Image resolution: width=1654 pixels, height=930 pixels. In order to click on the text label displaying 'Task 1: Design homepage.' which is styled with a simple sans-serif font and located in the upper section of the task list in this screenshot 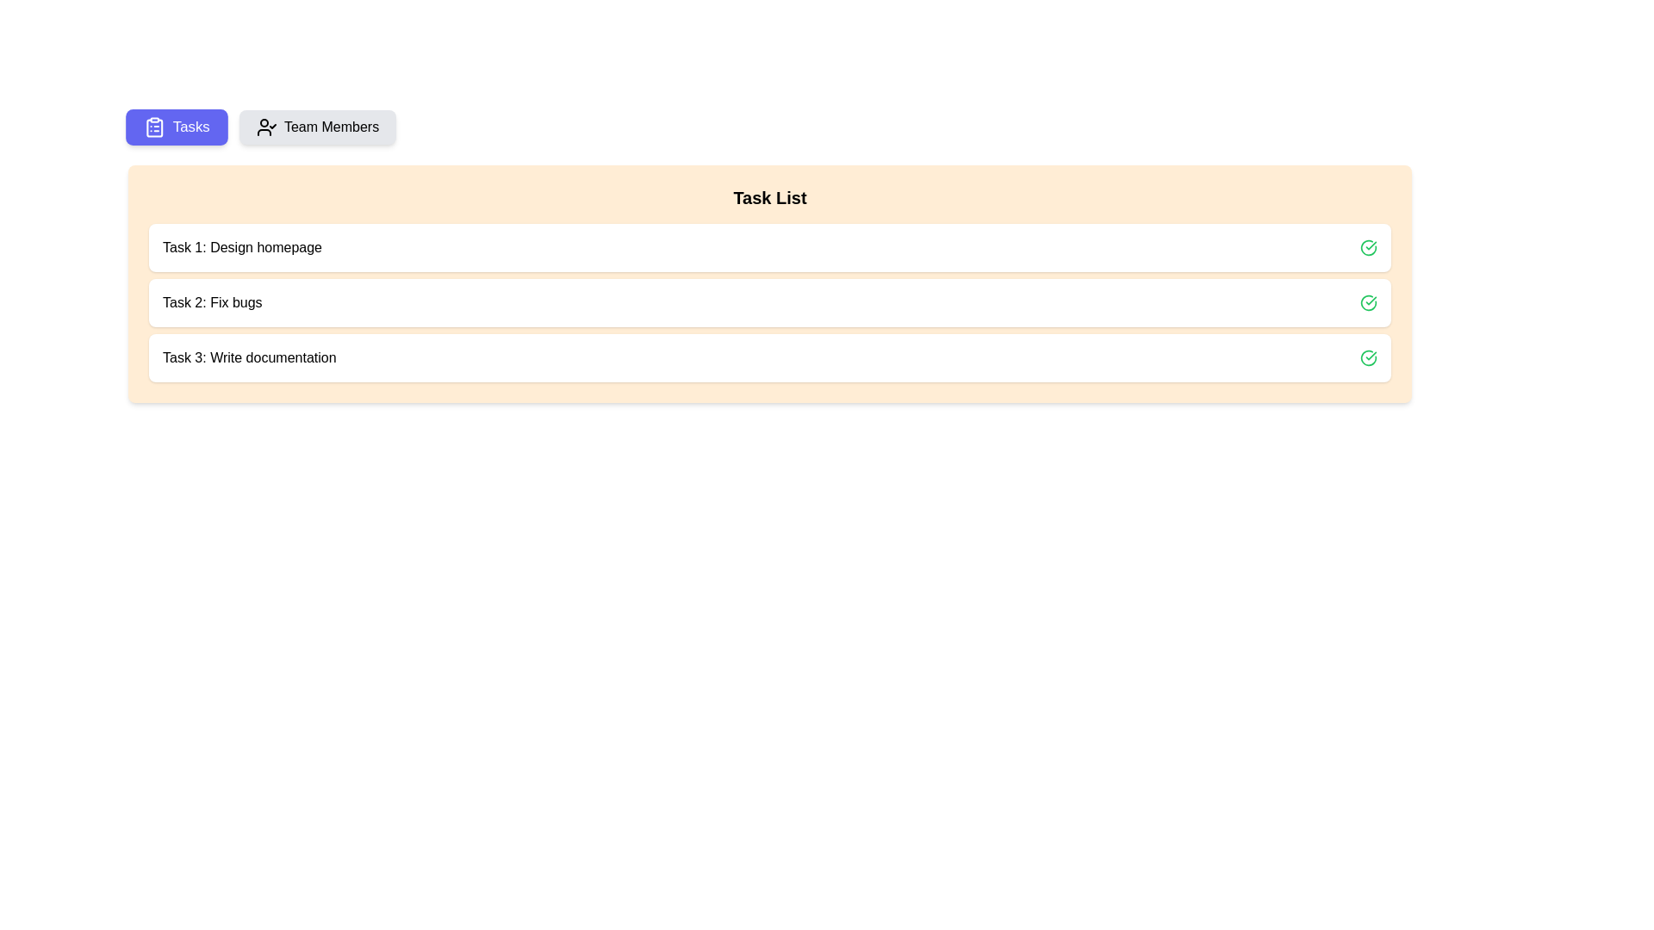, I will do `click(241, 248)`.